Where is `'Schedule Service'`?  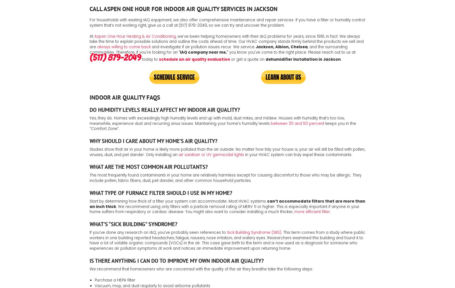 'Schedule Service' is located at coordinates (174, 77).